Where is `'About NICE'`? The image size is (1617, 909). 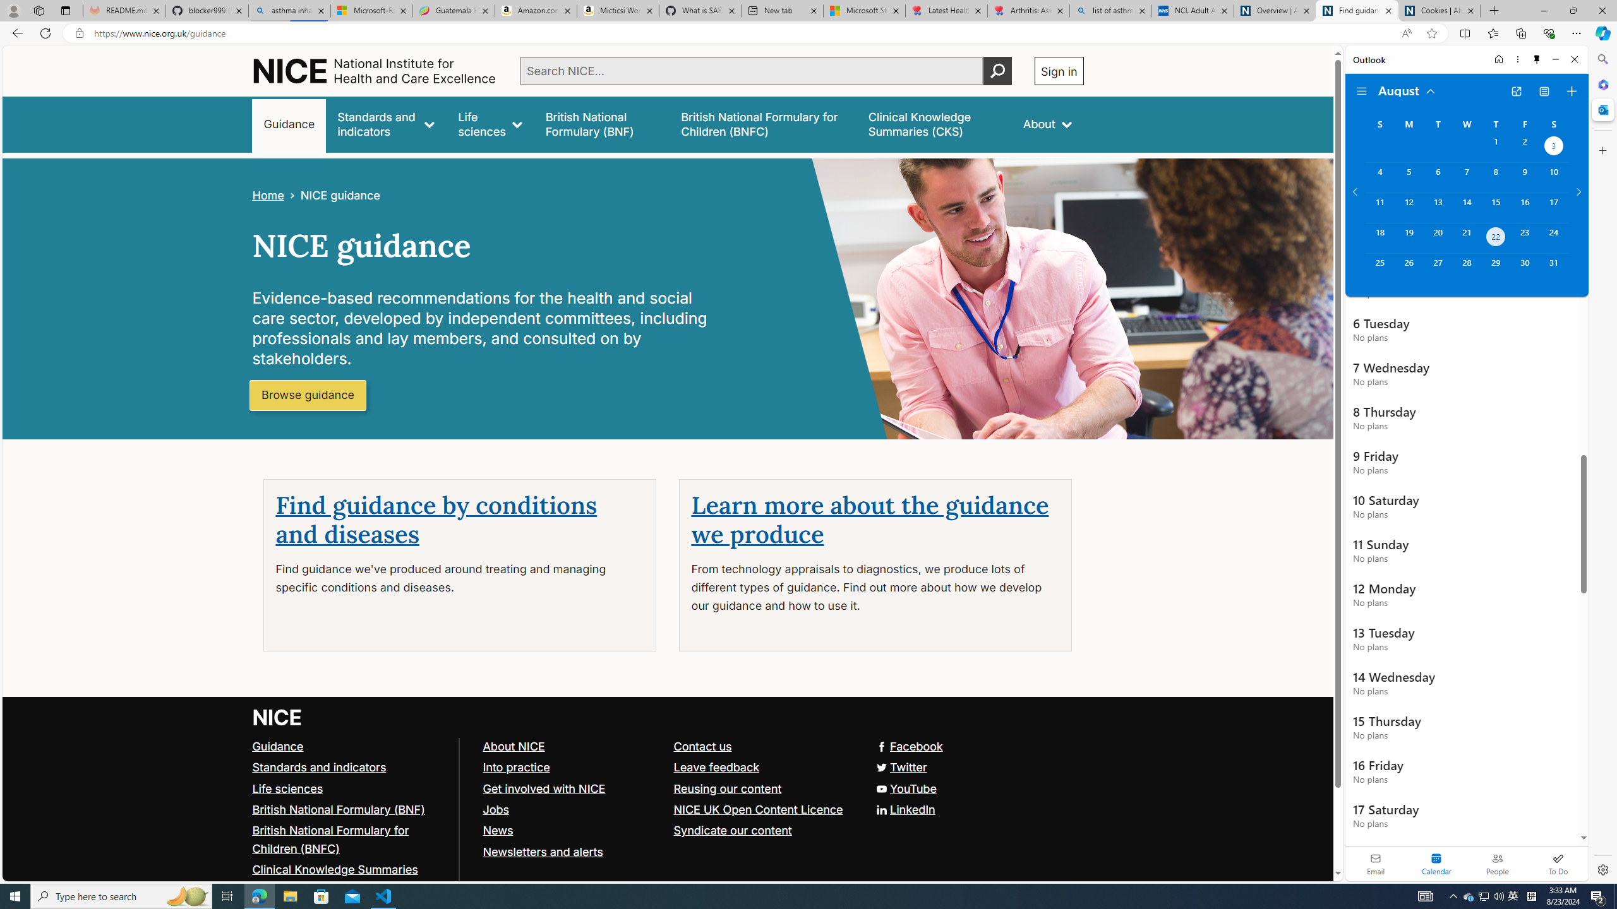
'About NICE' is located at coordinates (512, 745).